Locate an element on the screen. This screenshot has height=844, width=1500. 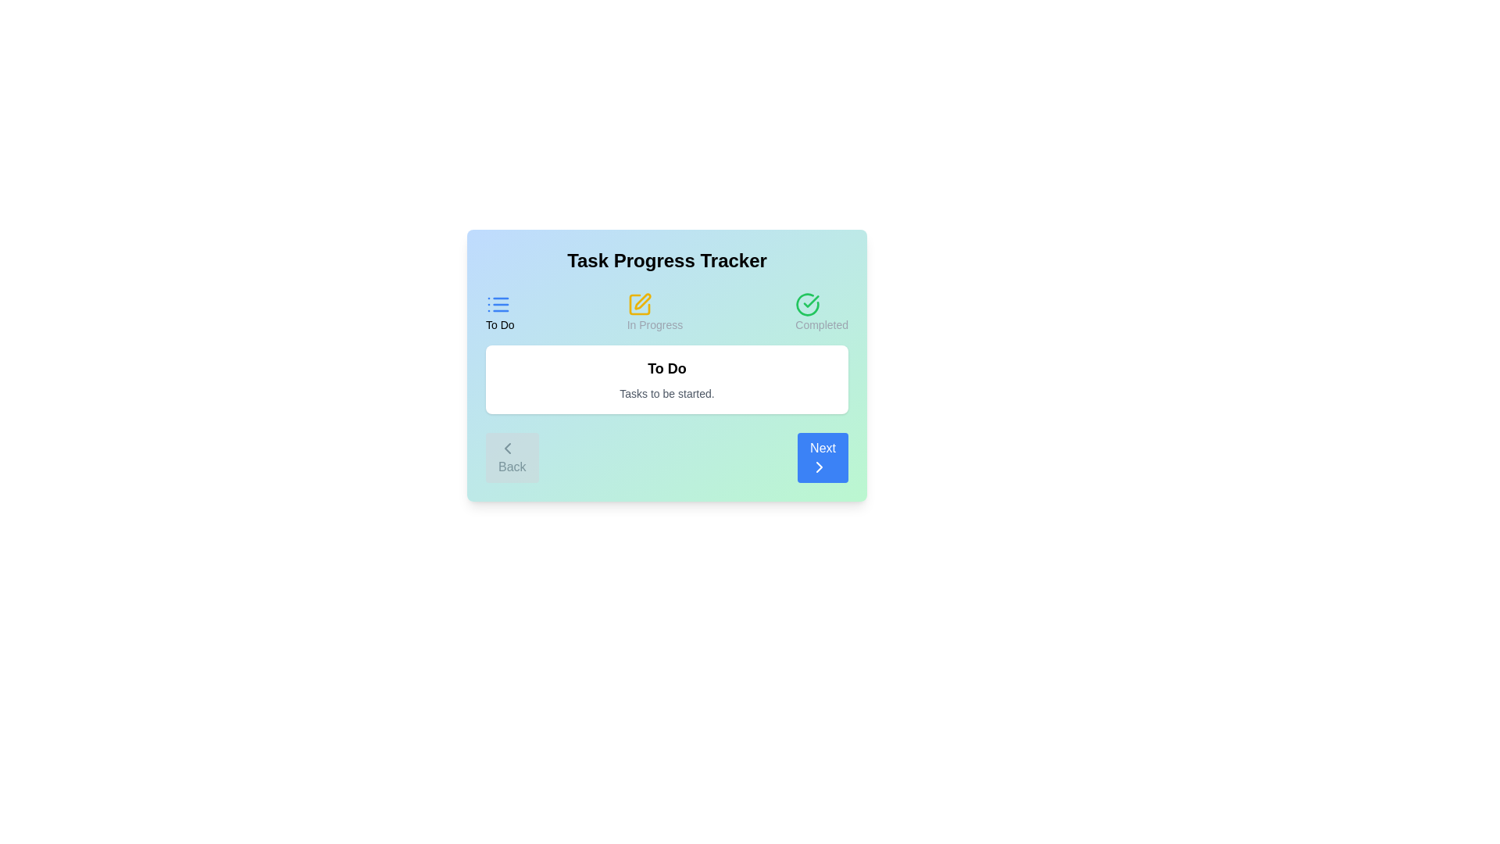
the icon for the step To Do to view its details is located at coordinates (498, 304).